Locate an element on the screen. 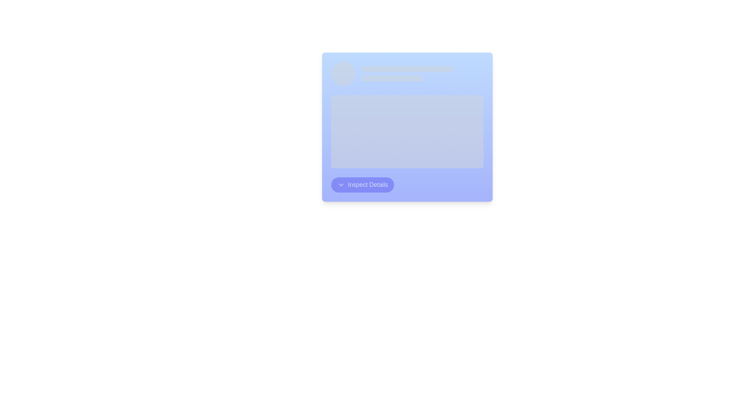 The image size is (731, 411). the second horizontal progress indicator bar located in the top-middle portion of the interface box, beneath a circular element is located at coordinates (392, 78).